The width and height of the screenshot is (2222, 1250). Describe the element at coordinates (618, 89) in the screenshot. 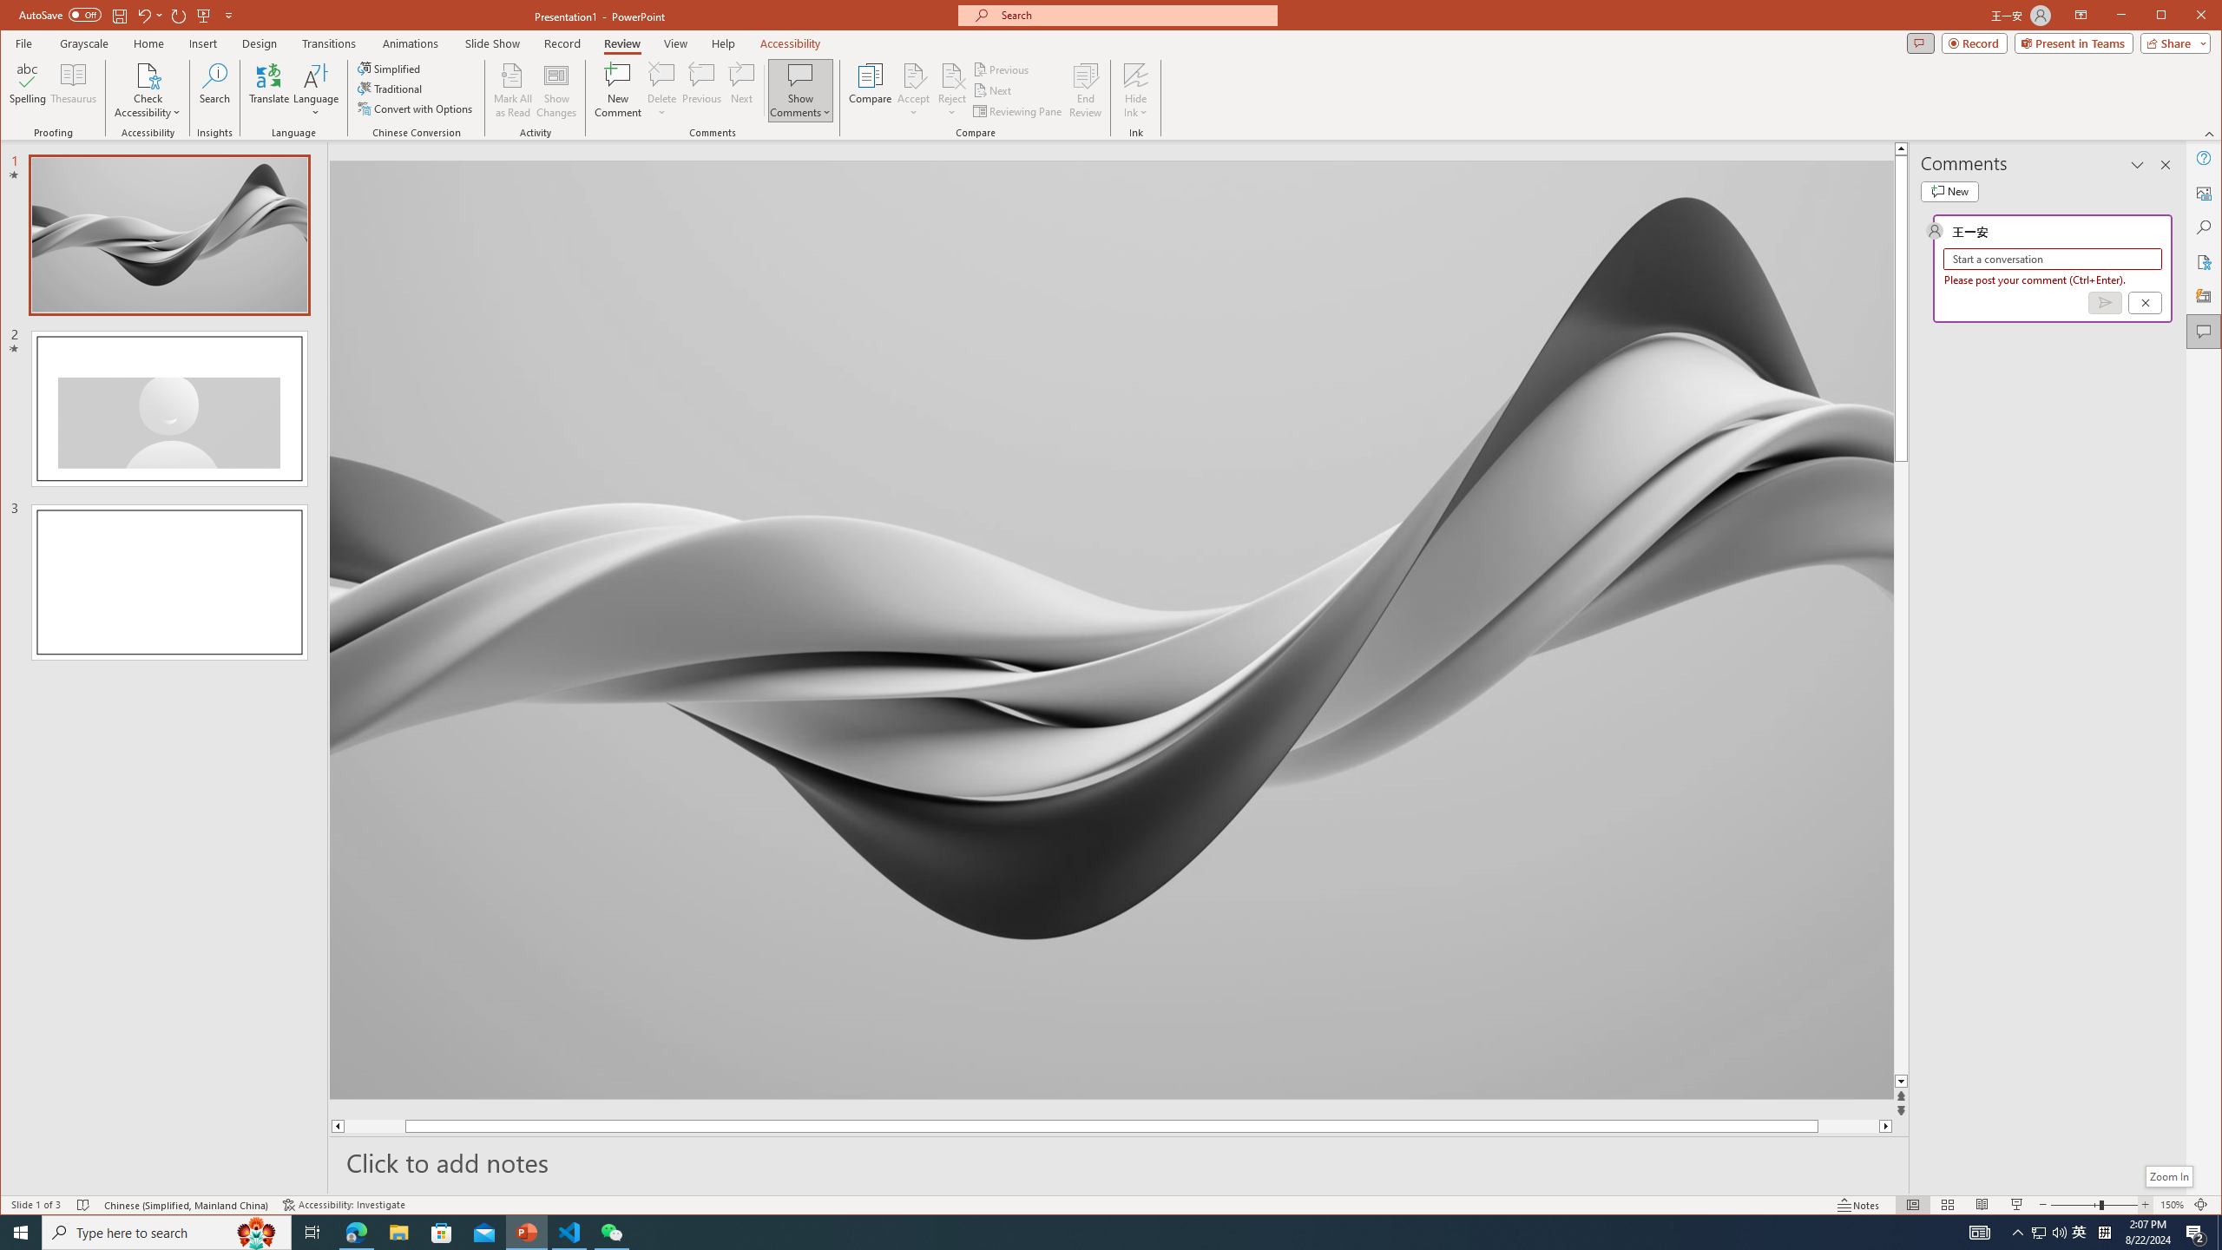

I see `'New Comment'` at that location.